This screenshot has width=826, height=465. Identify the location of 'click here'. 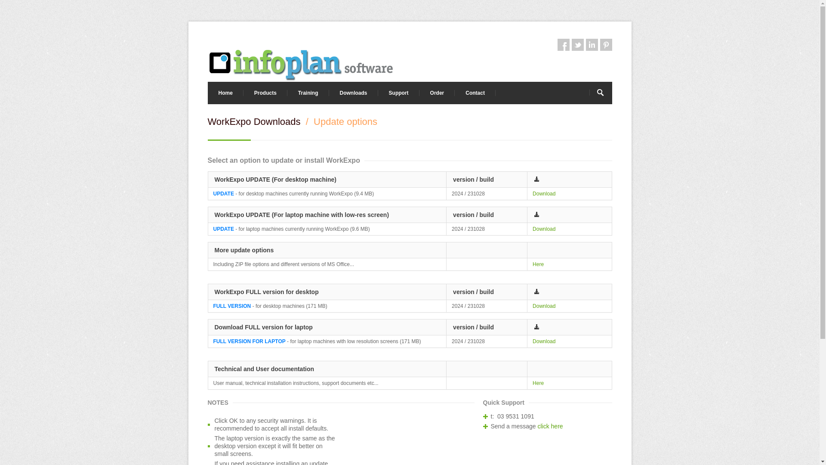
(549, 426).